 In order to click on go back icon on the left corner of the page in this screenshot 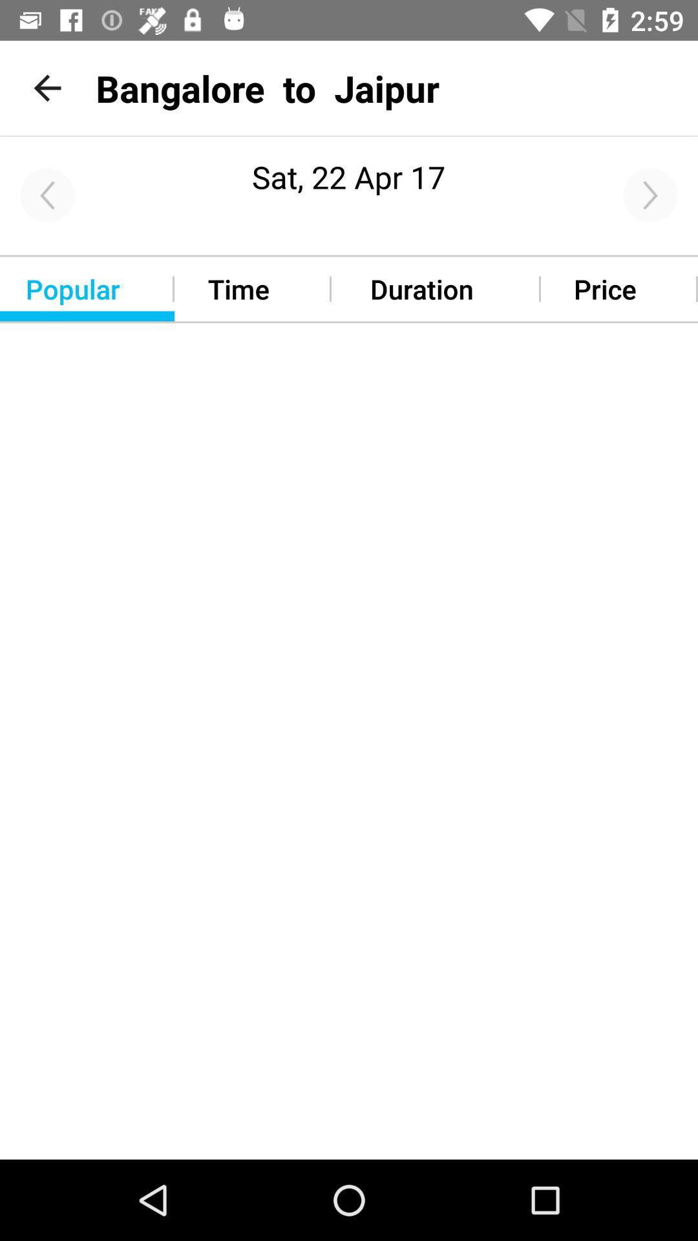, I will do `click(47, 195)`.